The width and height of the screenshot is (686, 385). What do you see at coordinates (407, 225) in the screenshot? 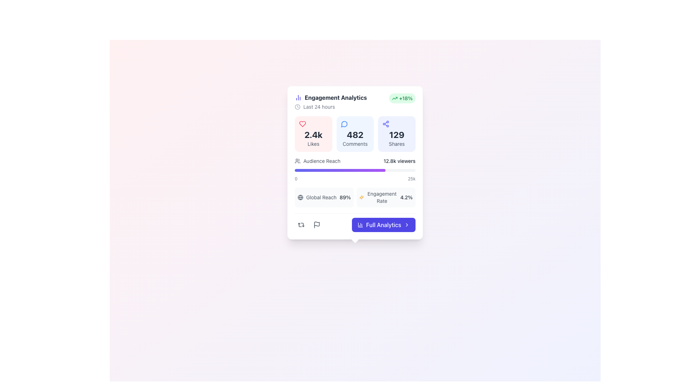
I see `the rightwards arrow icon located on the right side of the 'Full Analytics' button with a purple background` at bounding box center [407, 225].